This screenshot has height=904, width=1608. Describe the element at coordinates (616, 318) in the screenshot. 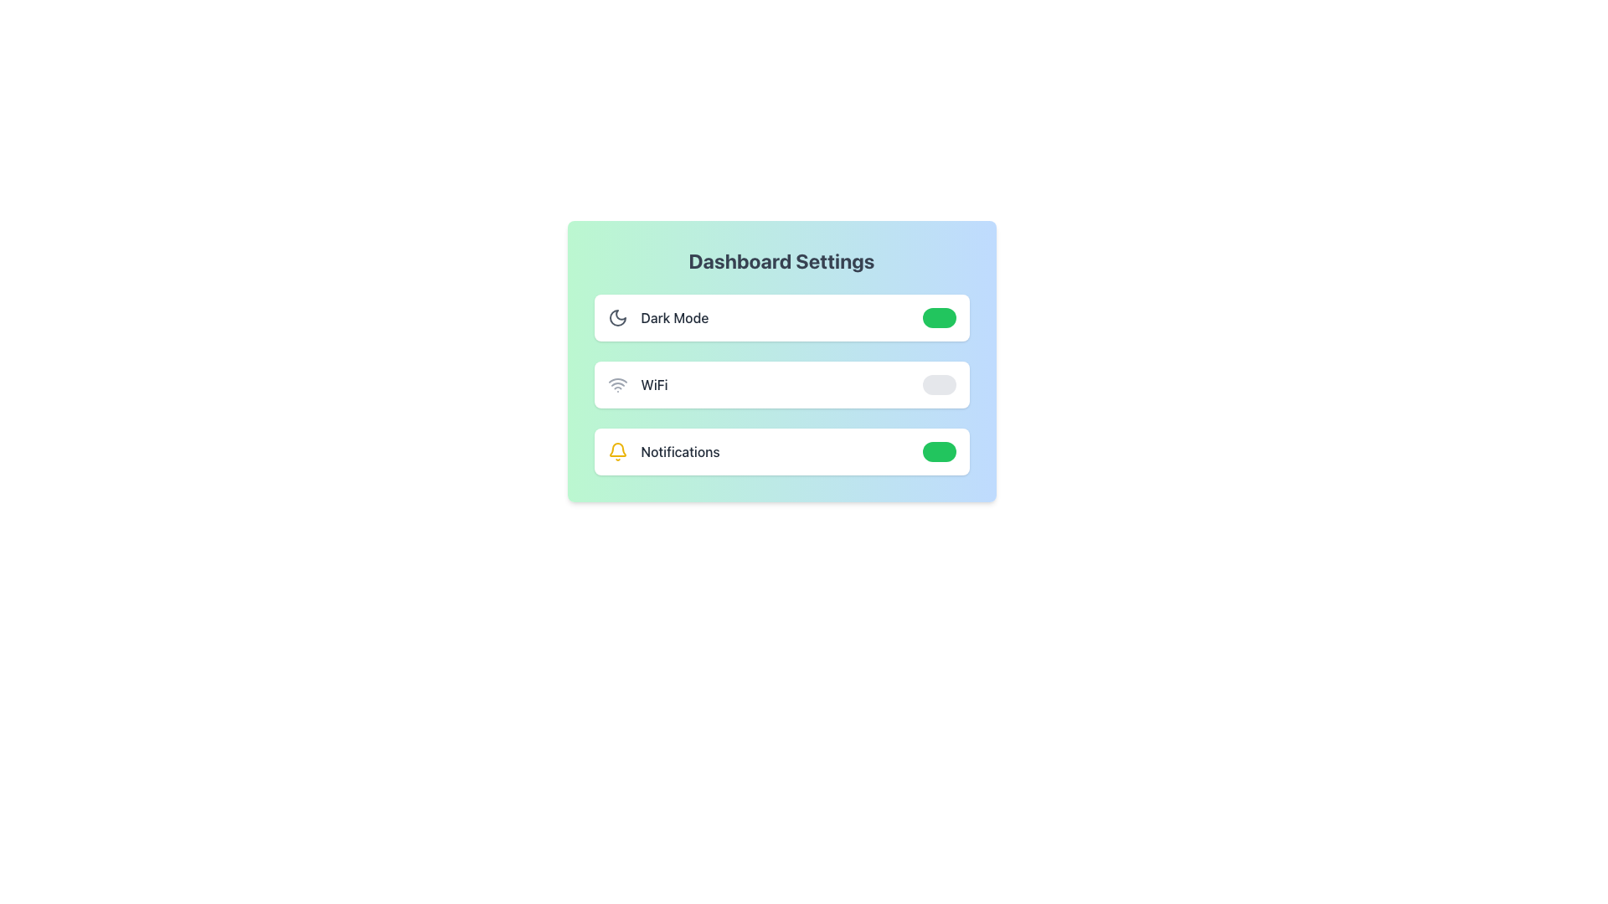

I see `the 'Dark Mode' SVG icon located in the top row of the settings list to the left of the toggle switch` at that location.